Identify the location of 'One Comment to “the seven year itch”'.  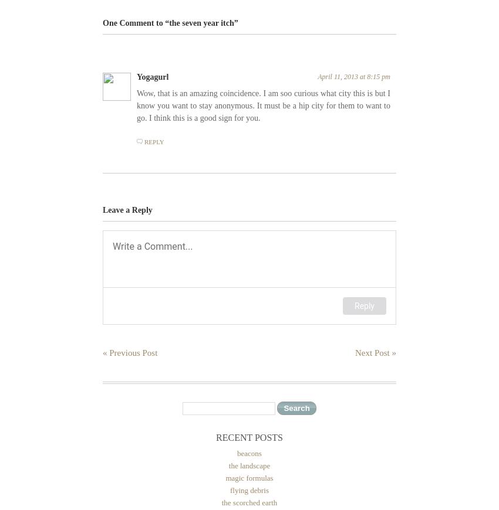
(102, 22).